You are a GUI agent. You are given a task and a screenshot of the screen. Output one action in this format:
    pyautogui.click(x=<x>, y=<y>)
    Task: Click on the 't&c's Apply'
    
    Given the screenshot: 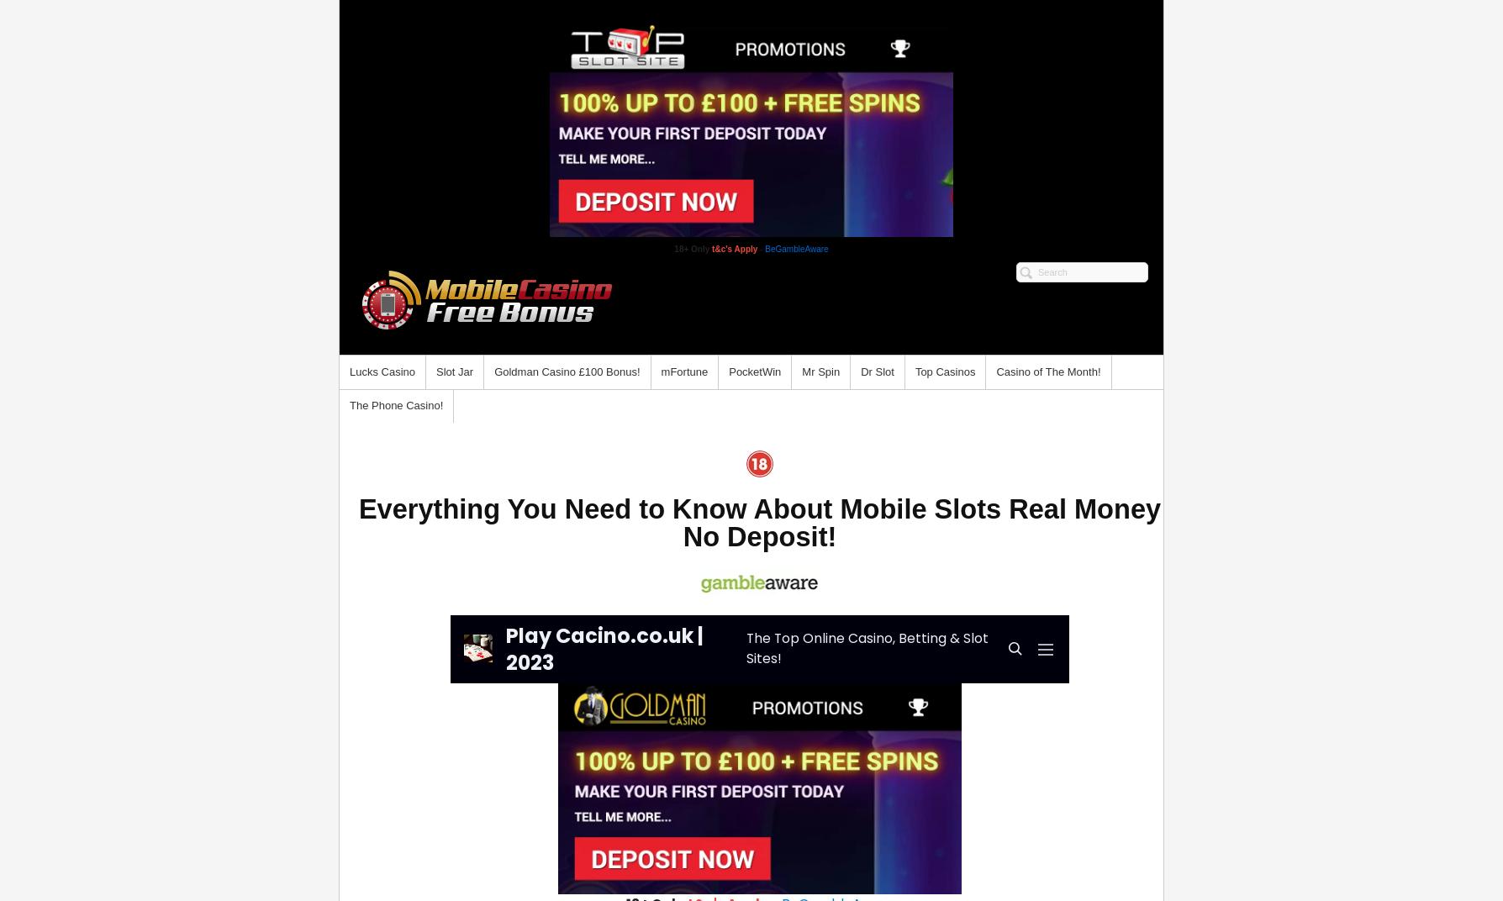 What is the action you would take?
    pyautogui.click(x=733, y=248)
    